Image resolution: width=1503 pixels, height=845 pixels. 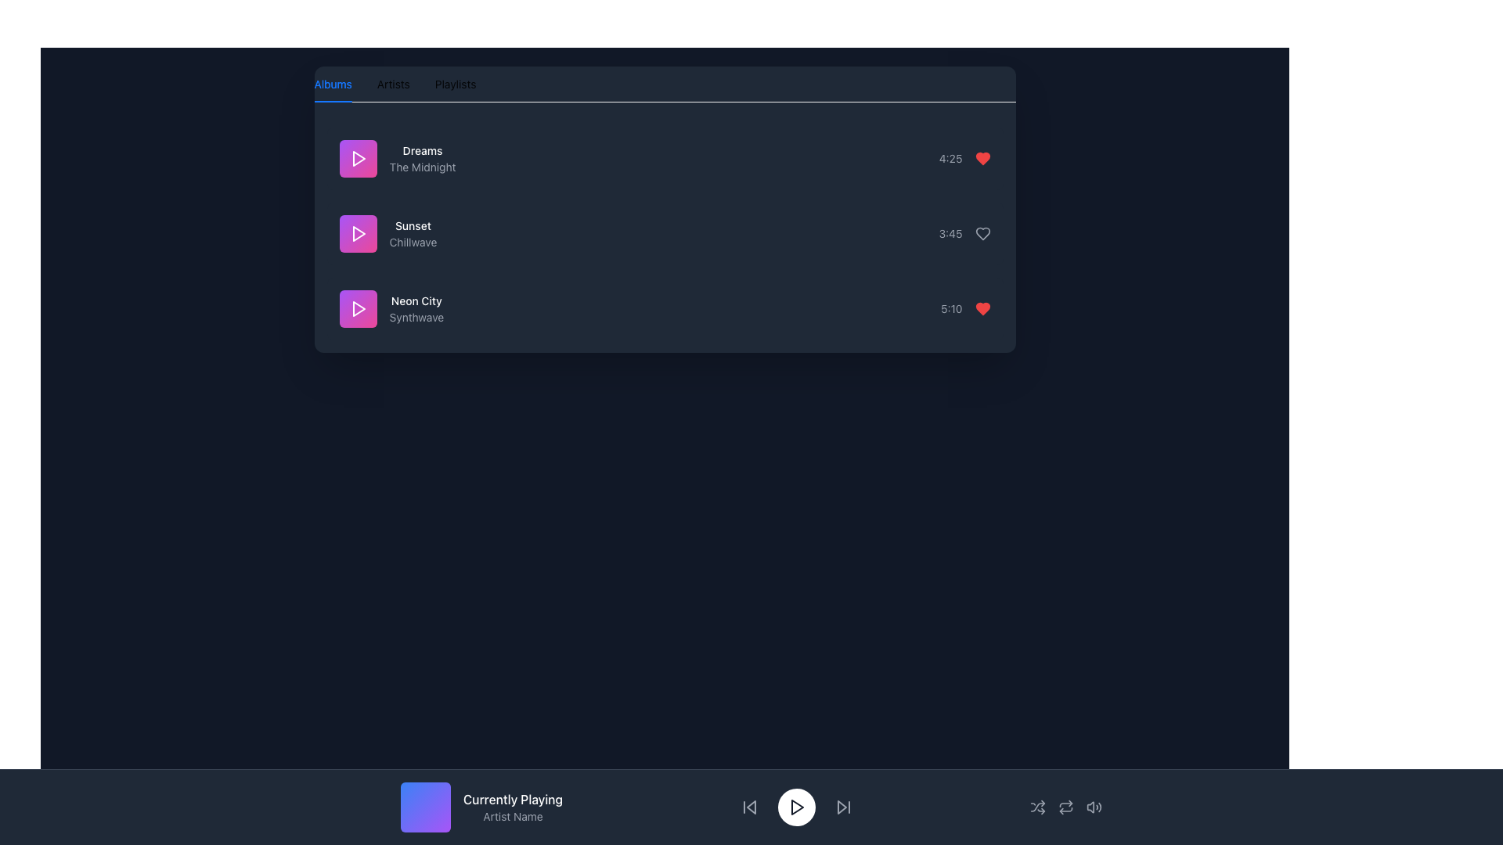 What do you see at coordinates (332, 84) in the screenshot?
I see `the 'Albums' tab in the navigation bar` at bounding box center [332, 84].